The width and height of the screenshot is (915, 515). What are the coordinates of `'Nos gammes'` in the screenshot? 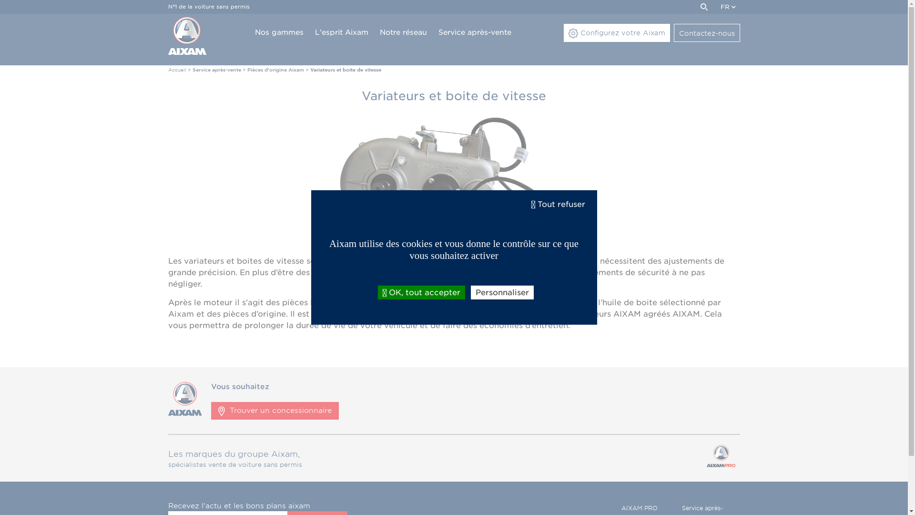 It's located at (278, 32).